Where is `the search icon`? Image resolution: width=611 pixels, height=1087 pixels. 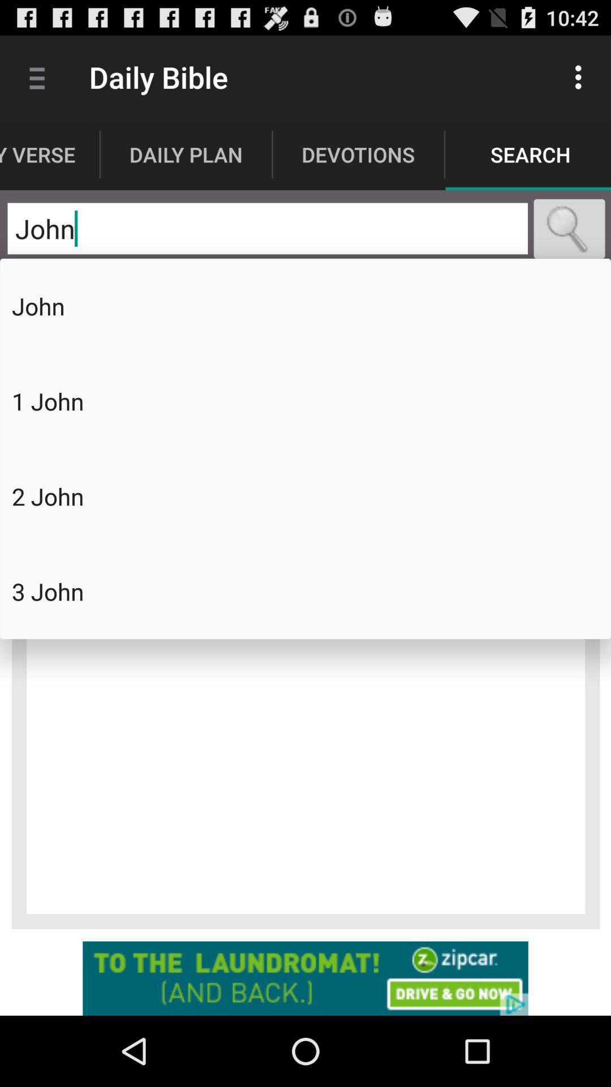 the search icon is located at coordinates (569, 244).